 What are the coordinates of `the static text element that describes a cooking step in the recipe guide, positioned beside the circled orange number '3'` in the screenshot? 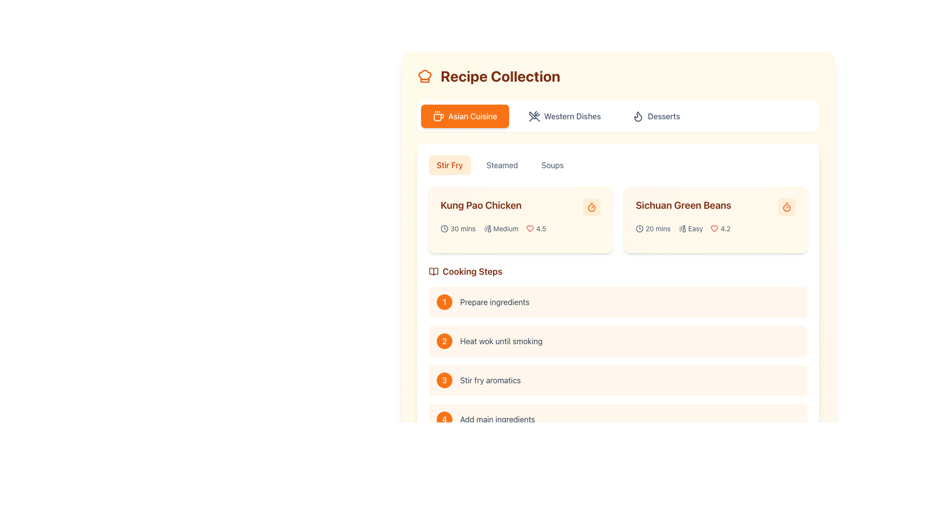 It's located at (491, 380).